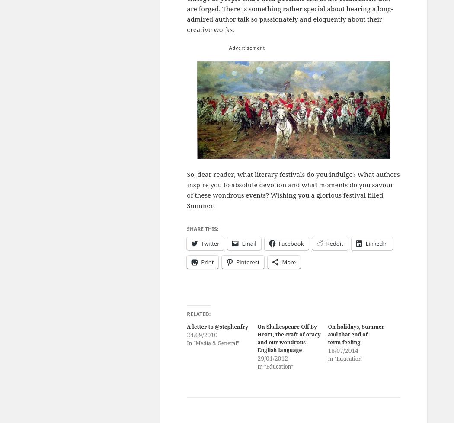  I want to click on 'Pinterest', so click(236, 261).